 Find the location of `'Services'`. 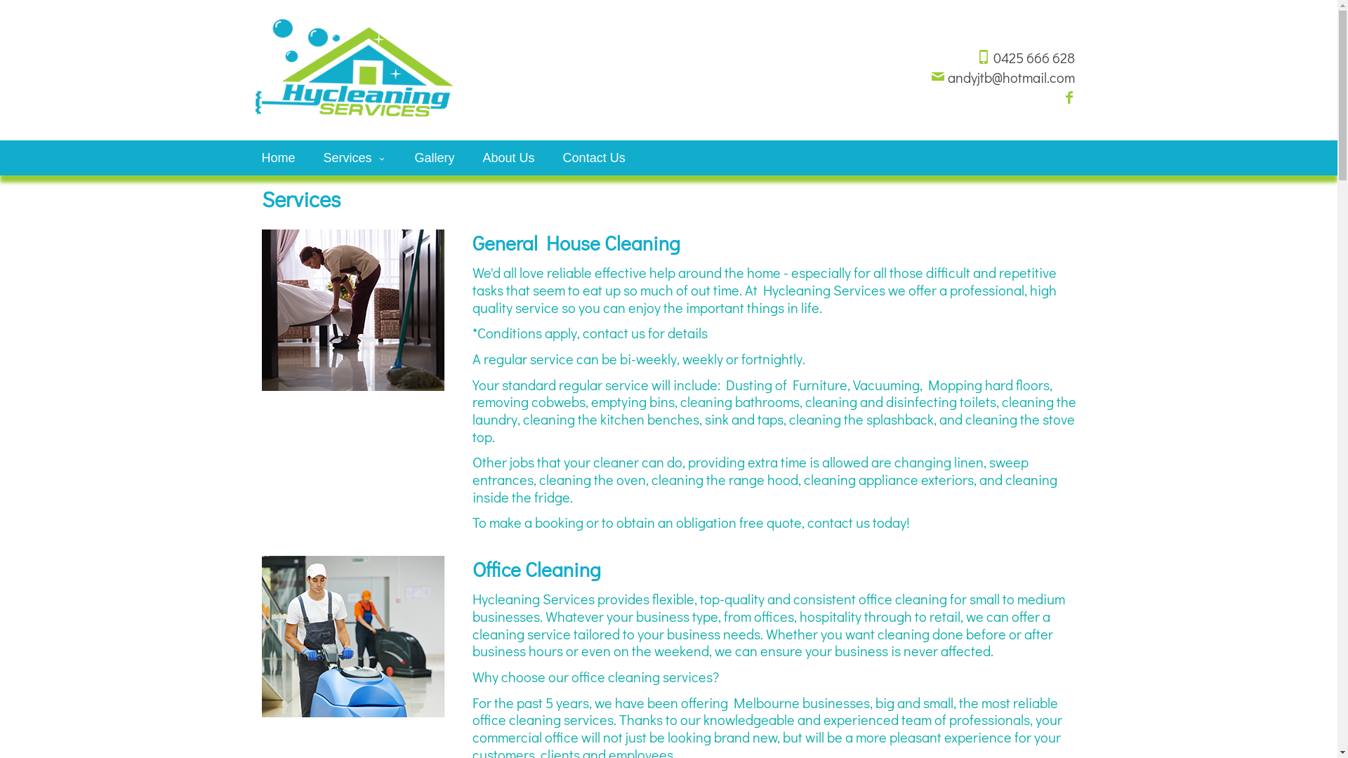

'Services' is located at coordinates (355, 157).